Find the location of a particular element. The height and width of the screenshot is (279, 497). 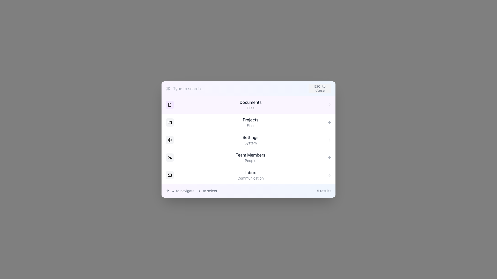

text label 'Documents' which is centrally aligned and styled with a medium font weight in dark gray, located above the 'Files' text in the first list item of the menu is located at coordinates (251, 102).